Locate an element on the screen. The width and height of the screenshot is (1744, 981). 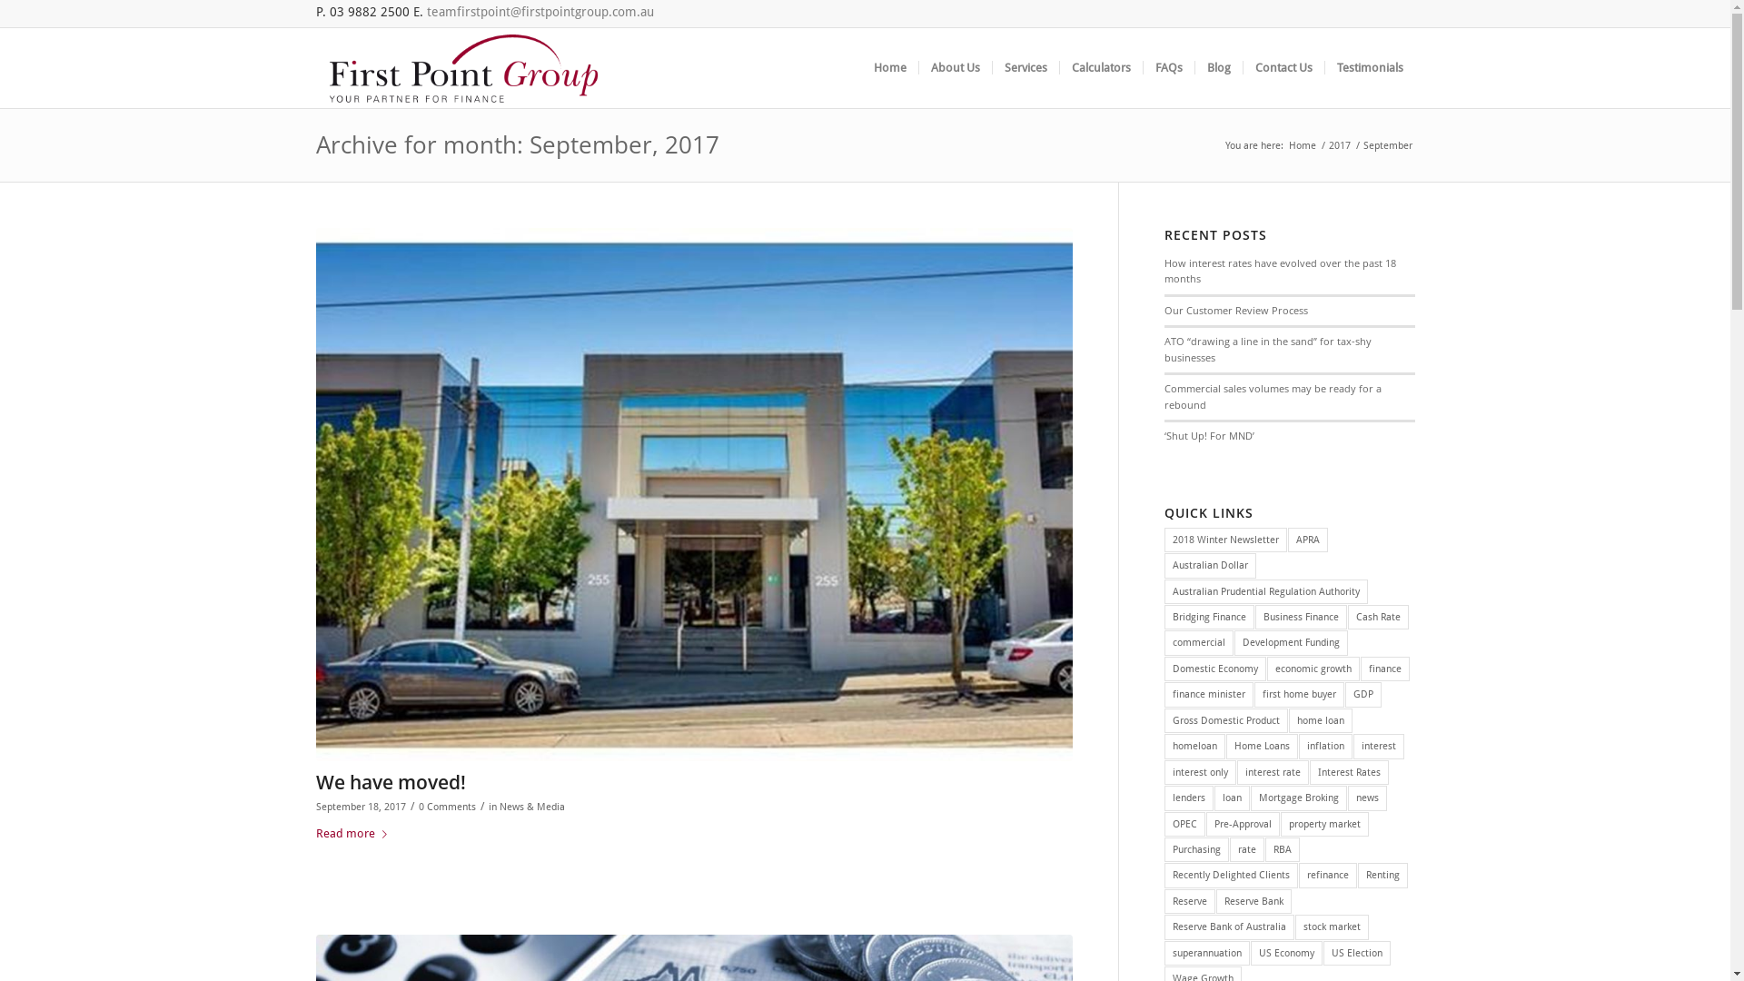
'interest rate' is located at coordinates (1236, 772).